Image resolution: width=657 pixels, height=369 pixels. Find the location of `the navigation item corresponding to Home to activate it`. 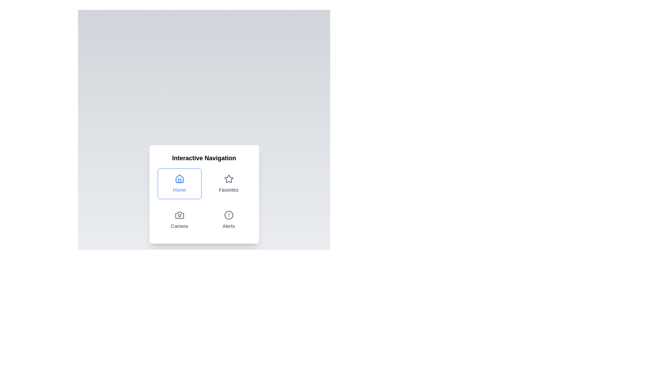

the navigation item corresponding to Home to activate it is located at coordinates (179, 183).